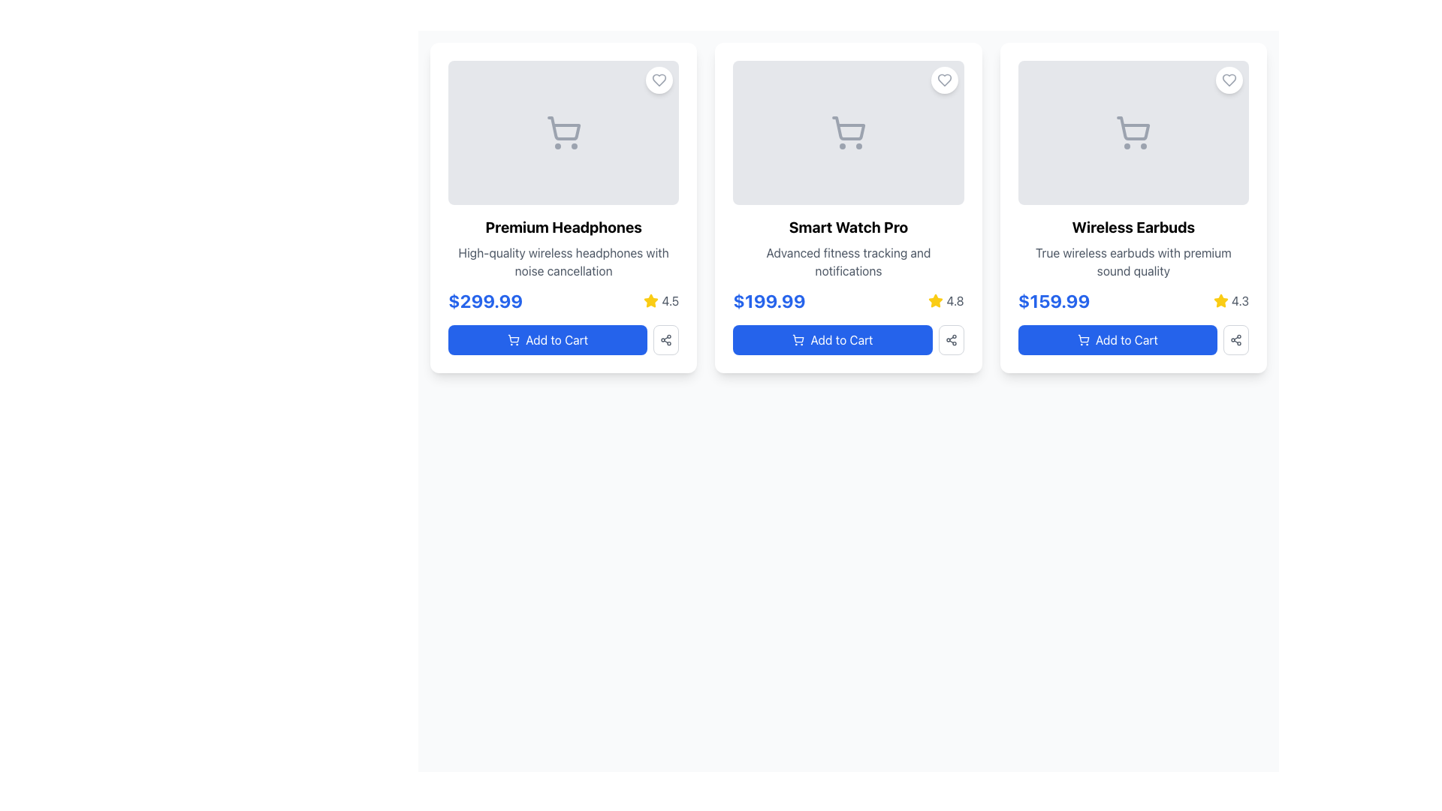 This screenshot has height=811, width=1442. What do you see at coordinates (1236, 339) in the screenshot?
I see `the small graphical icon resembling a sharing symbol located in the bottom-right of the wireless earbuds product card` at bounding box center [1236, 339].